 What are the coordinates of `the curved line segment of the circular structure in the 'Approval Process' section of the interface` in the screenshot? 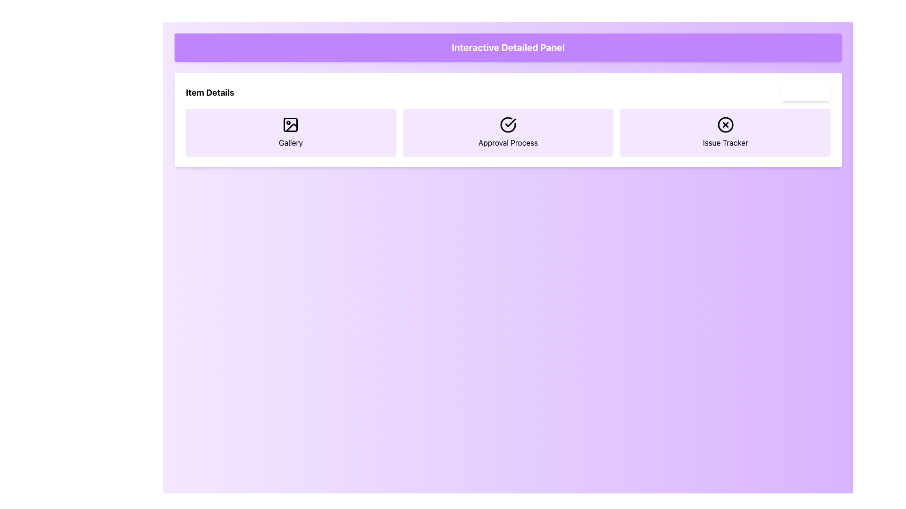 It's located at (507, 124).